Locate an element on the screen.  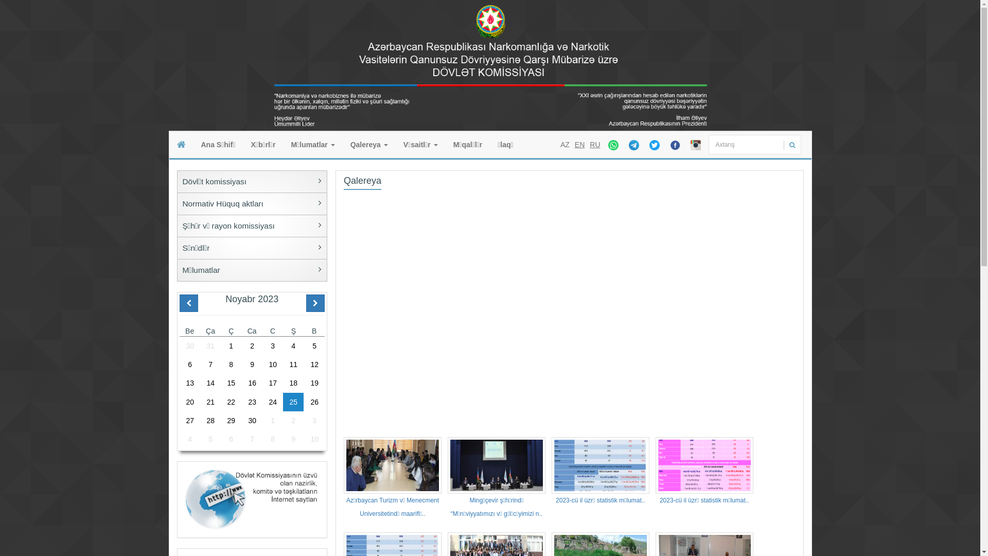
'RU' is located at coordinates (595, 145).